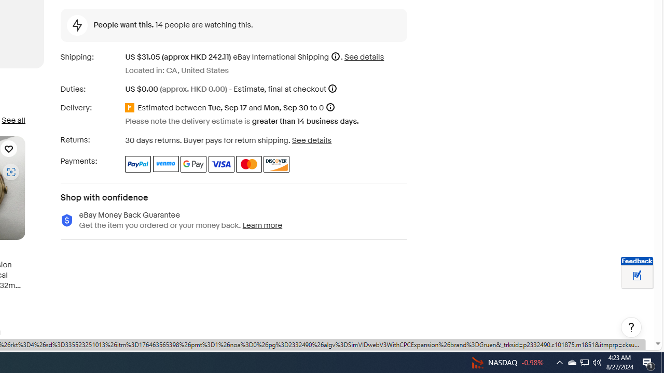  I want to click on 'See details - for more information about returns', so click(311, 140).